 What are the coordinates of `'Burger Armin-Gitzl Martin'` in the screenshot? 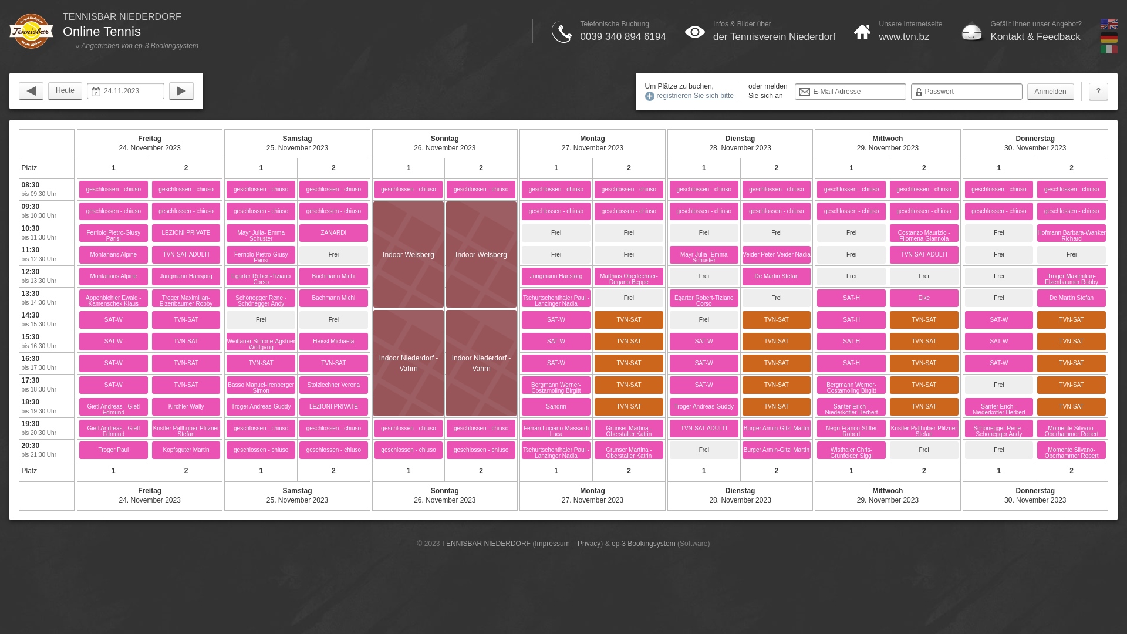 It's located at (777, 428).